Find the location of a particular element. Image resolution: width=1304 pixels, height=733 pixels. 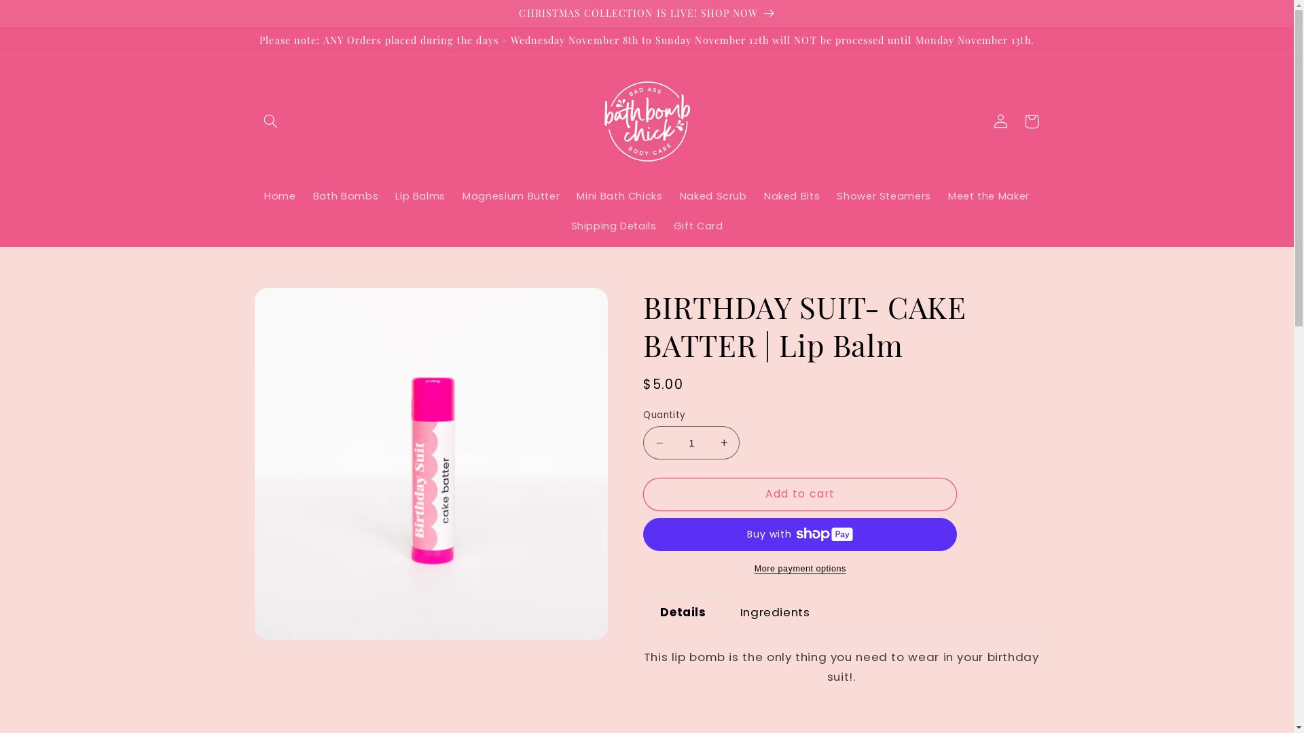

'Increase quantity for BIRTHDAY SUIT- CAKE BATTER | Lip Balm' is located at coordinates (707, 443).